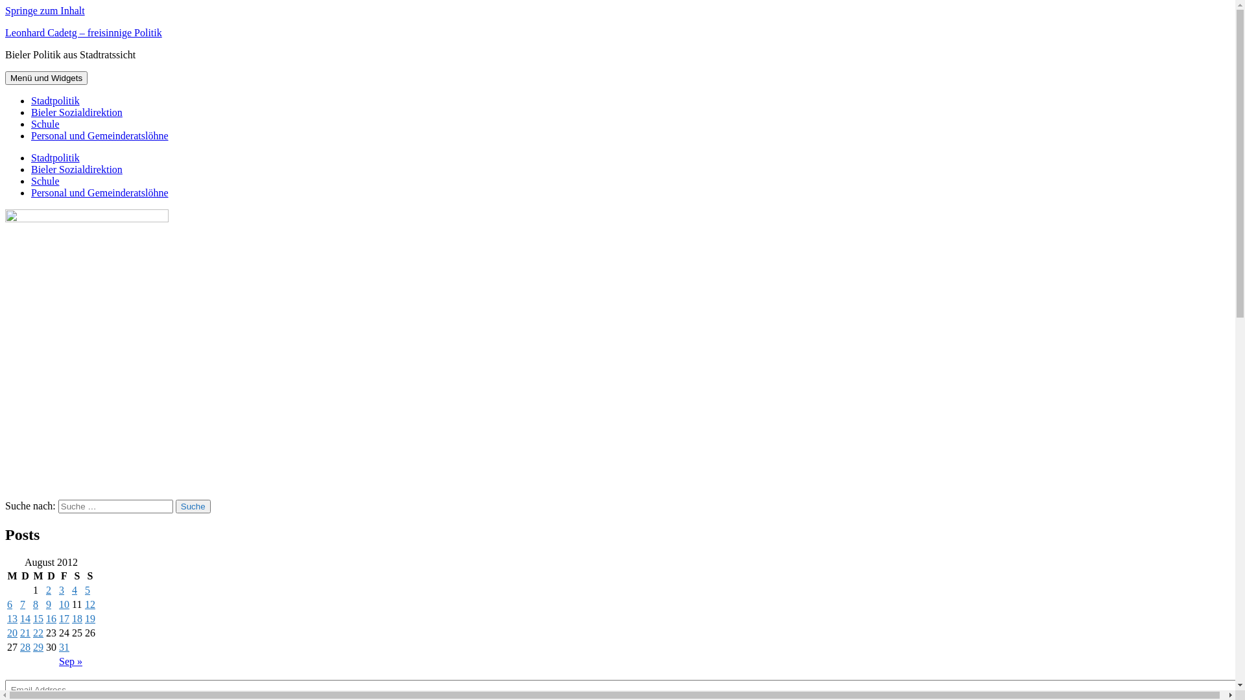  What do you see at coordinates (51, 618) in the screenshot?
I see `'16'` at bounding box center [51, 618].